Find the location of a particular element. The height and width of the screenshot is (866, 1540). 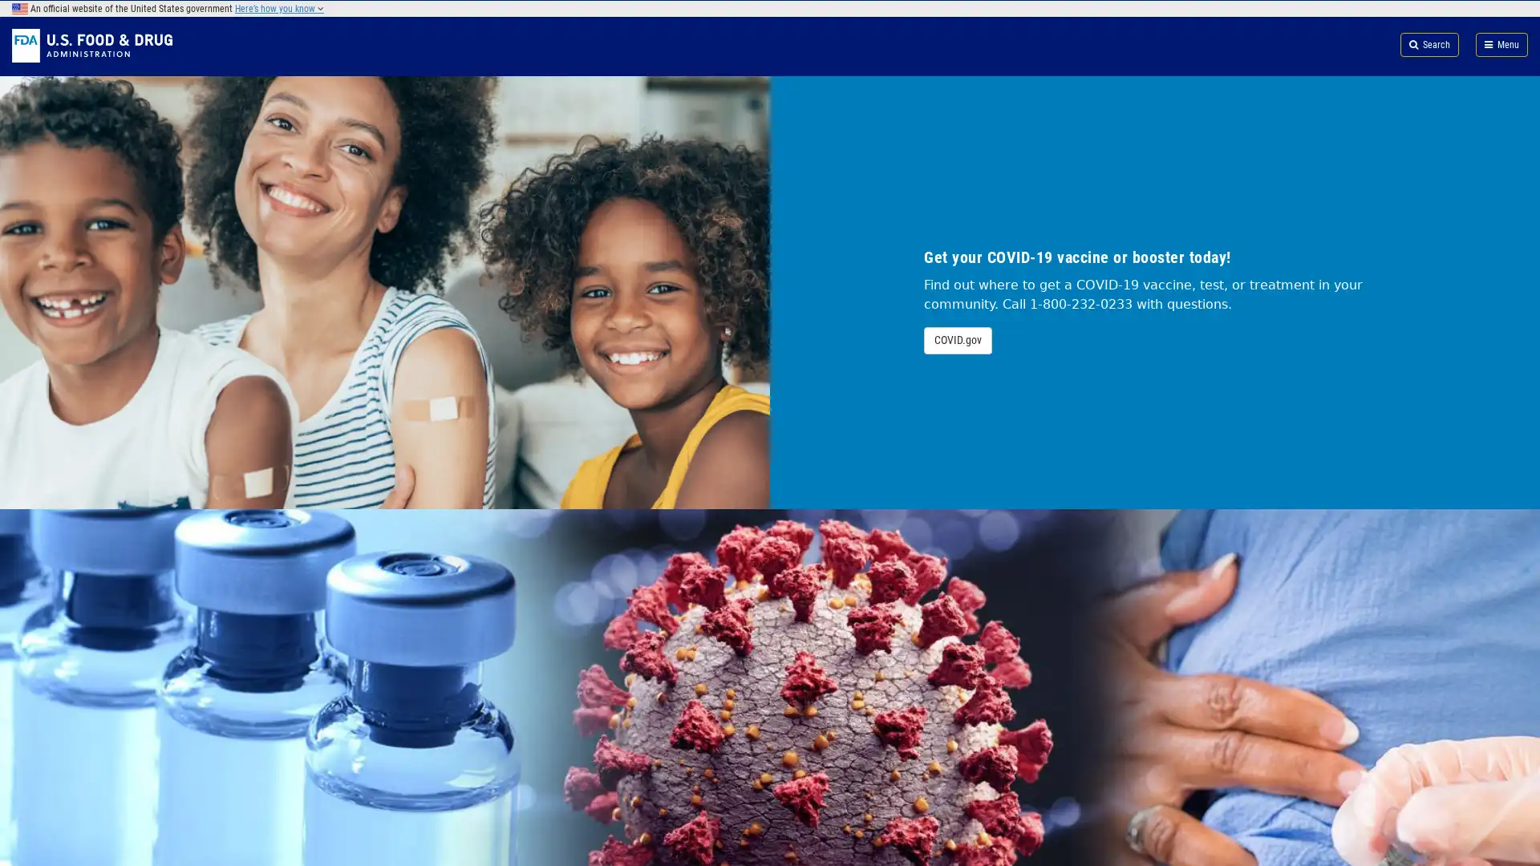

Search is located at coordinates (1511, 27).